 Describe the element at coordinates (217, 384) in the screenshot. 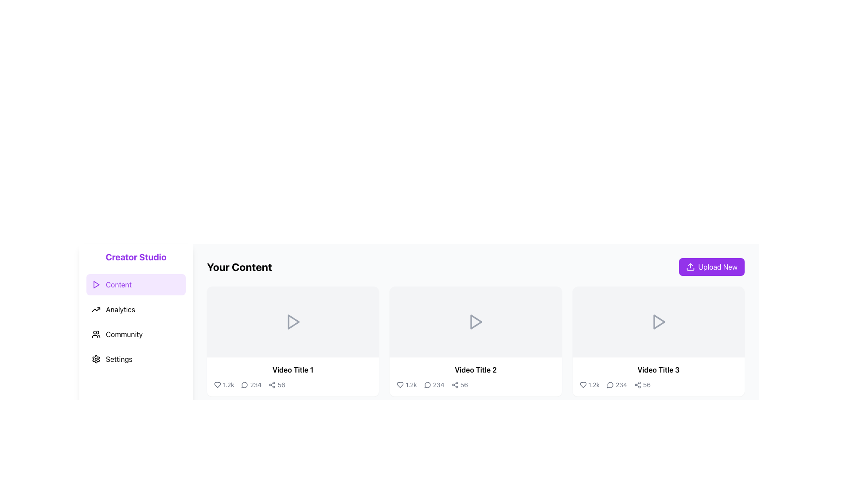

I see `the heart-shaped icon located at the bottom-left region of the video thumbnail card to like the associated content` at that location.